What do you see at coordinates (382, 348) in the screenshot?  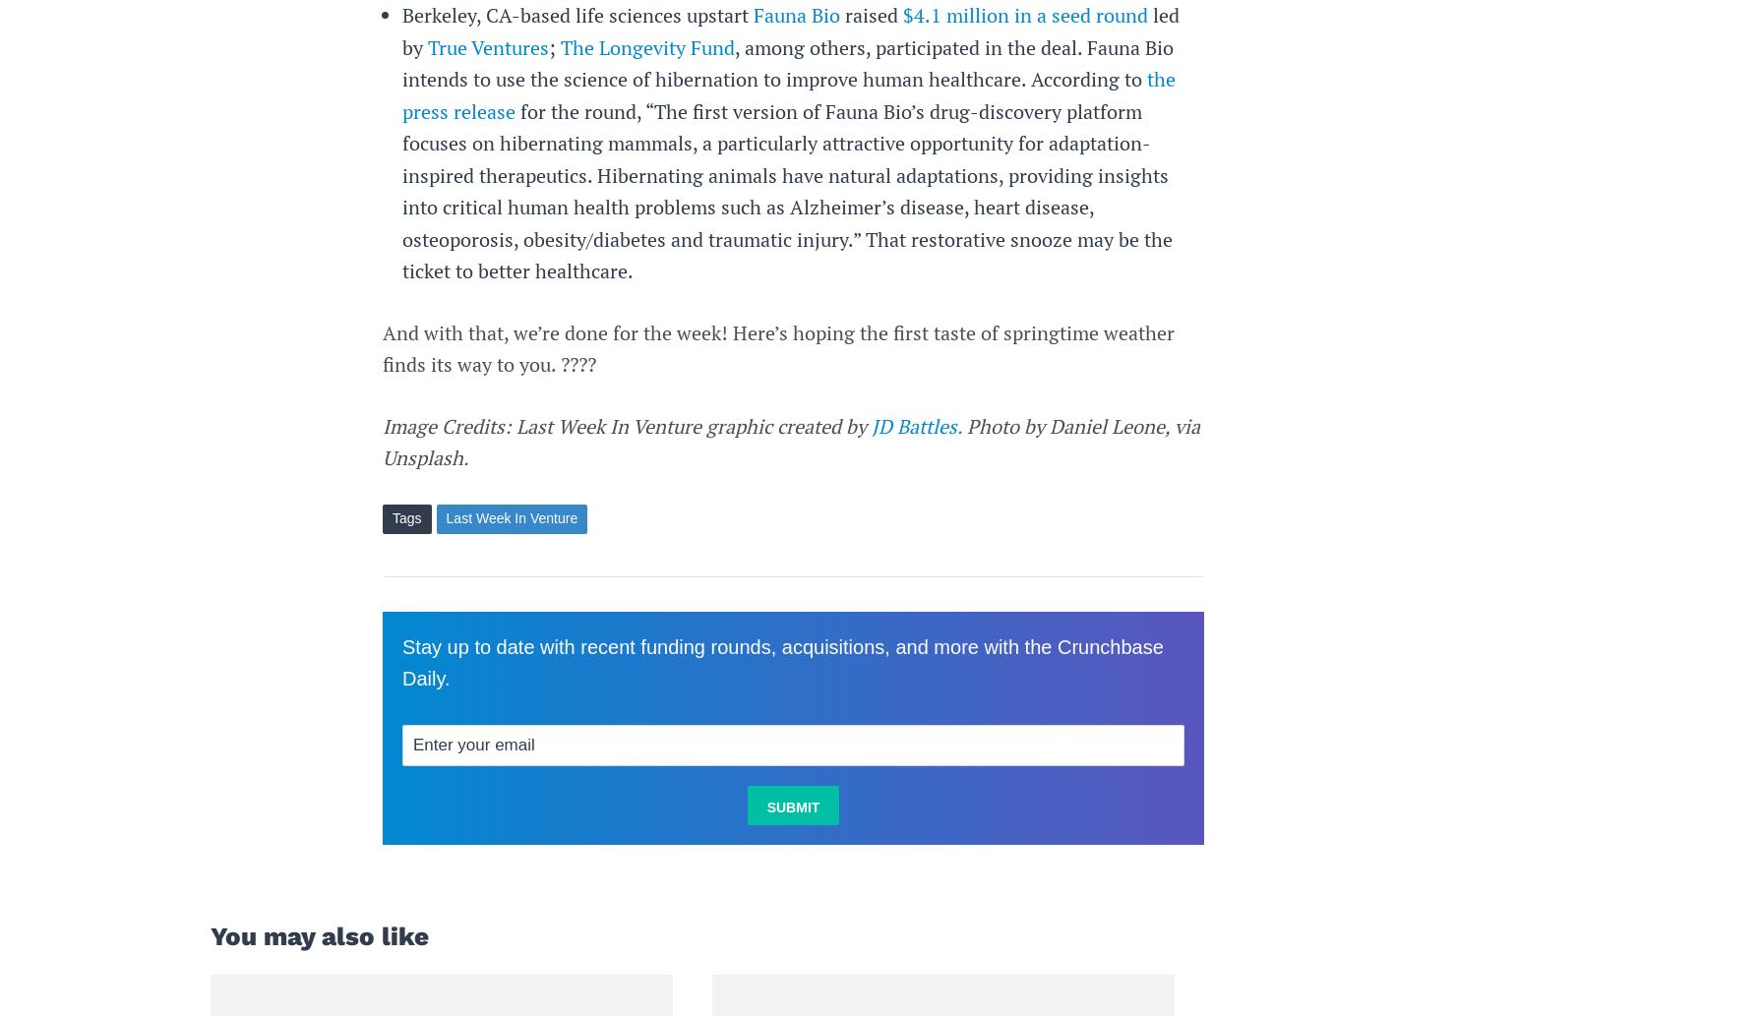 I see `'And with that, we’re done for the week! Here’s hoping the first taste of springtime weather finds its way to you. ??️??'` at bounding box center [382, 348].